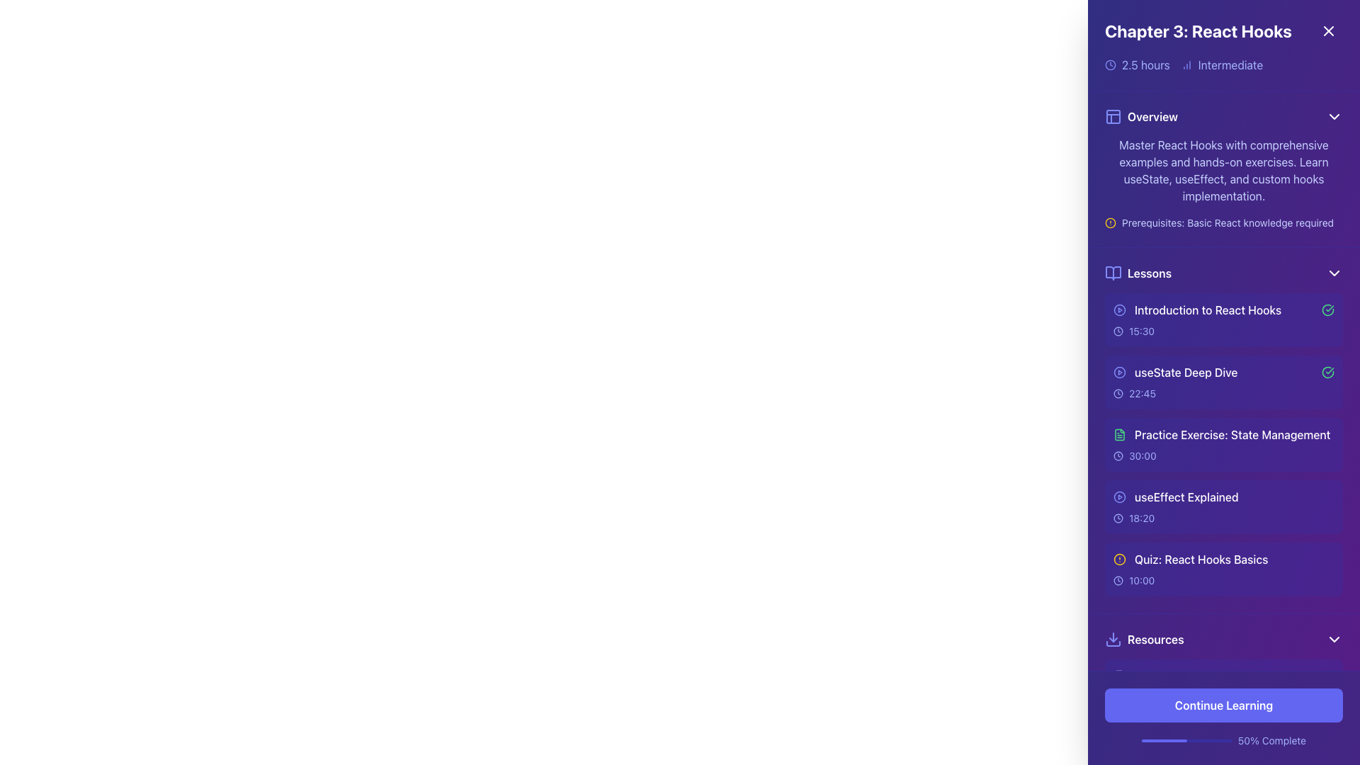 The height and width of the screenshot is (765, 1360). What do you see at coordinates (1186, 65) in the screenshot?
I see `the small, square icon representing an increasing bar chart with rounded edges and an indigo tint, located to the left of the text 'Intermediate'` at bounding box center [1186, 65].